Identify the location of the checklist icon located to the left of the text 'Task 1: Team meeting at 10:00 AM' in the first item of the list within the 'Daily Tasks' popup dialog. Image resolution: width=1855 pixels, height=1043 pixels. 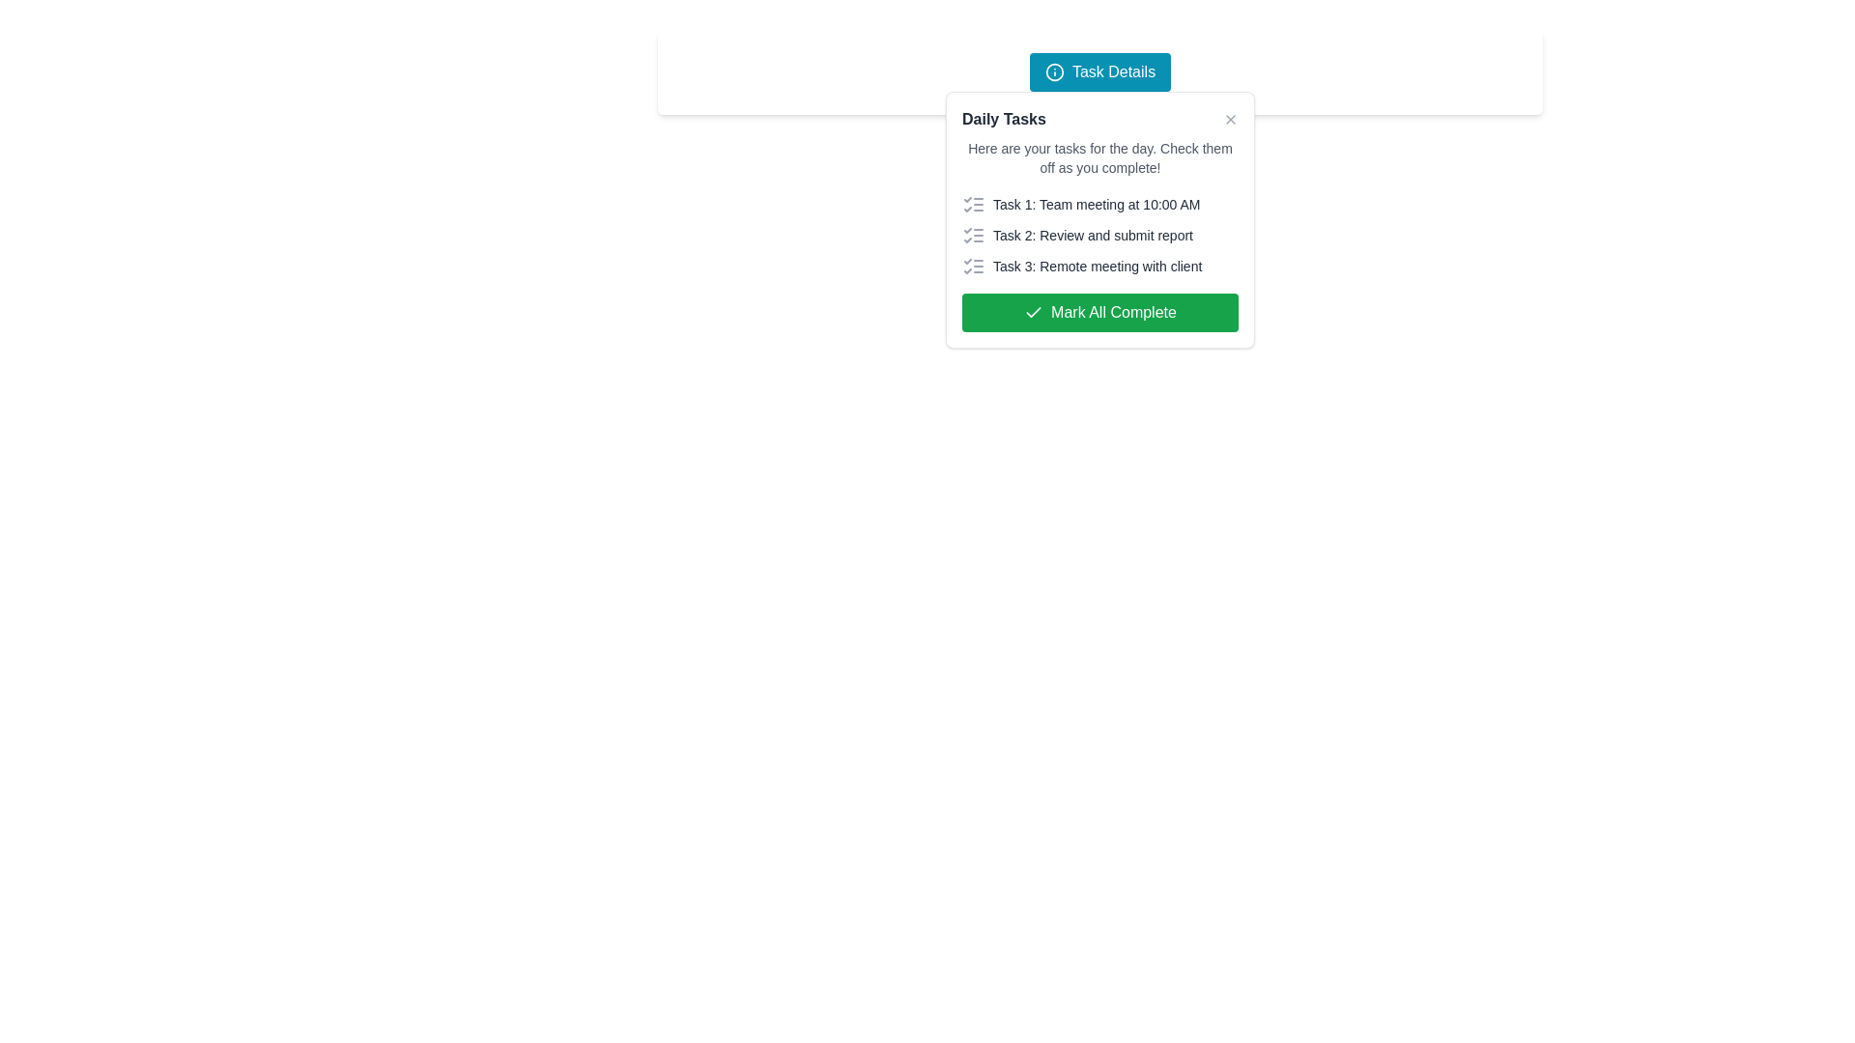
(974, 205).